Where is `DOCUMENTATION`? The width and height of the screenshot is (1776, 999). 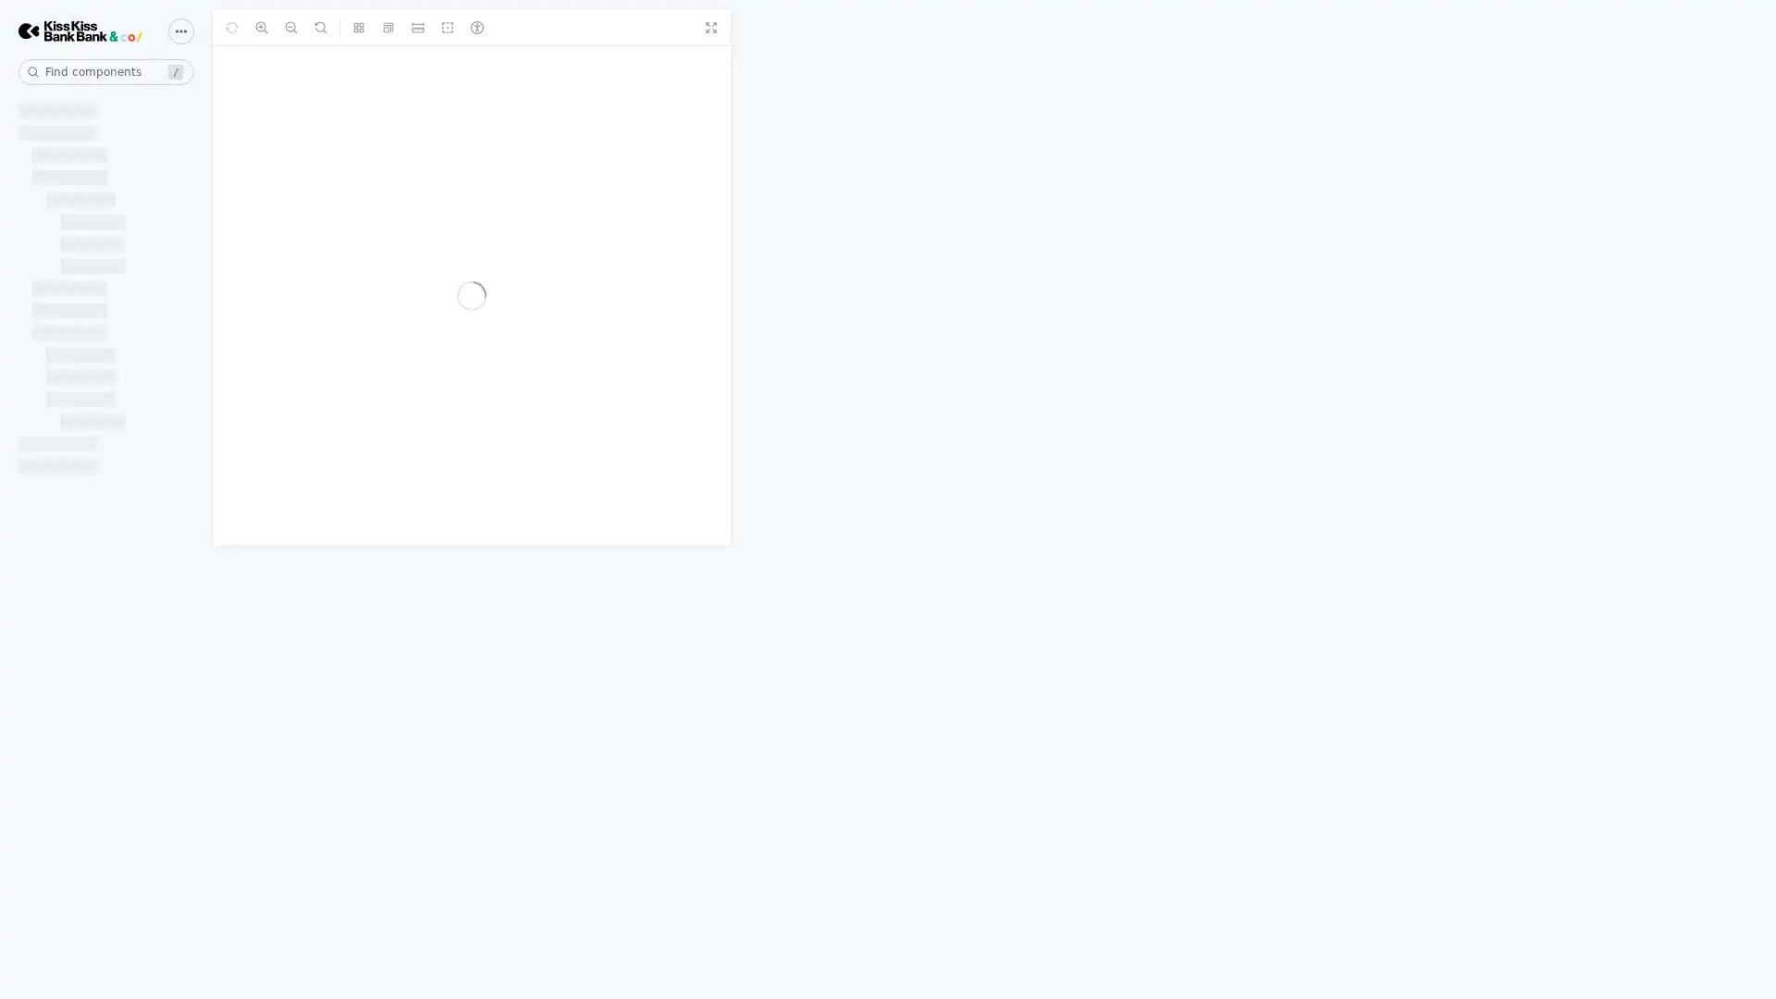 DOCUMENTATION is located at coordinates (86, 109).